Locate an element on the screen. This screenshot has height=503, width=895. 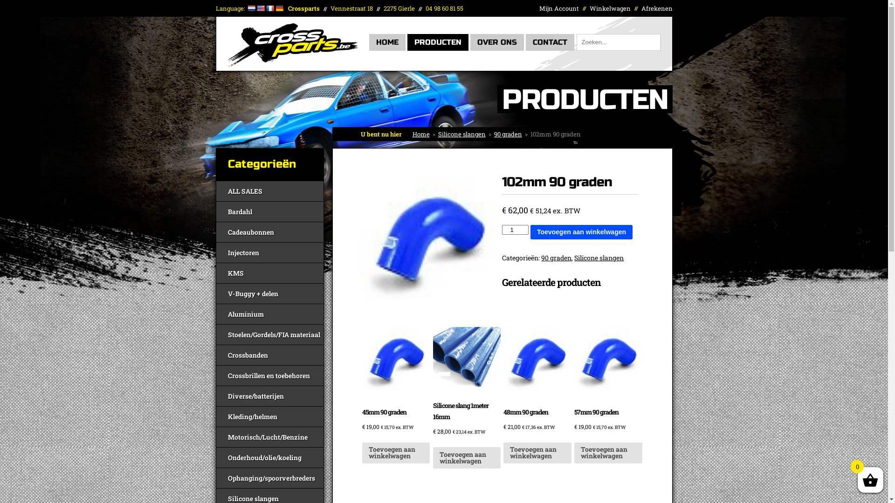
'Kleding/helmen' is located at coordinates (269, 416).